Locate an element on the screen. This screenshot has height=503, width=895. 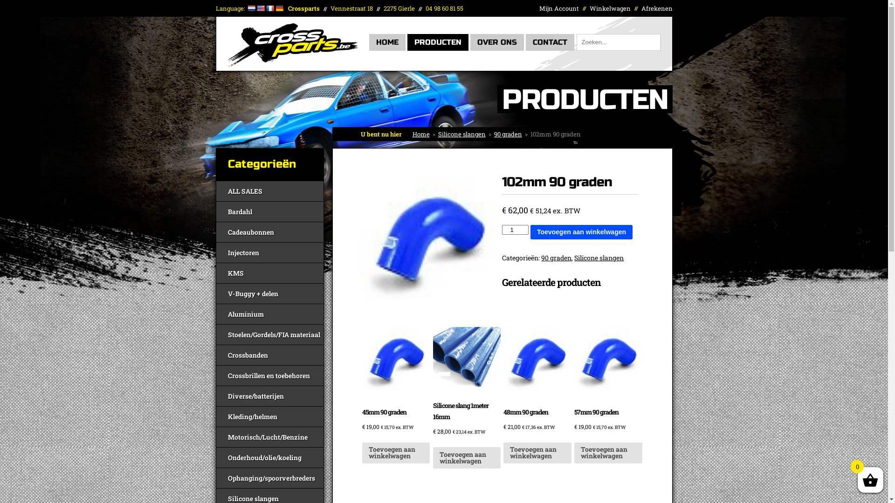
'Kleding/helmen' is located at coordinates (269, 416).